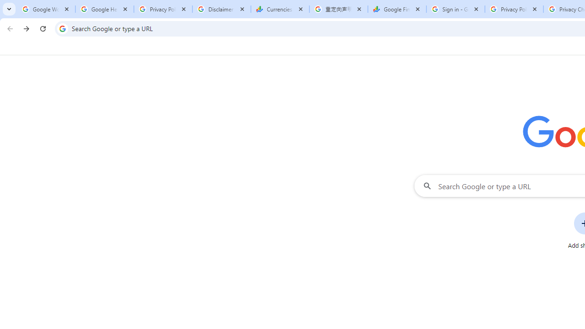 This screenshot has height=329, width=585. Describe the element at coordinates (43, 28) in the screenshot. I see `'Reload'` at that location.